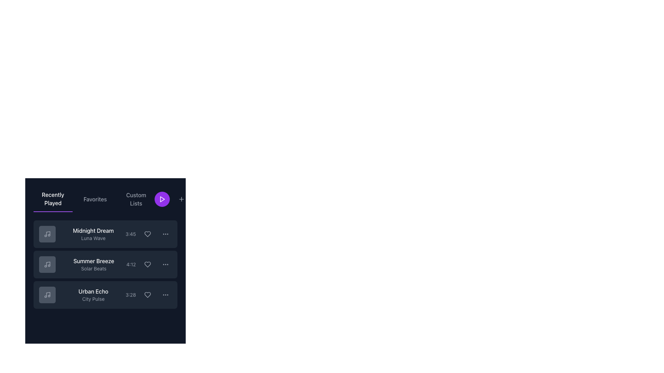 The height and width of the screenshot is (373, 664). Describe the element at coordinates (47, 295) in the screenshot. I see `the Icon Button with a dark gray background and a white music note icon, located in the third item of the 'Recently Played' list` at that location.